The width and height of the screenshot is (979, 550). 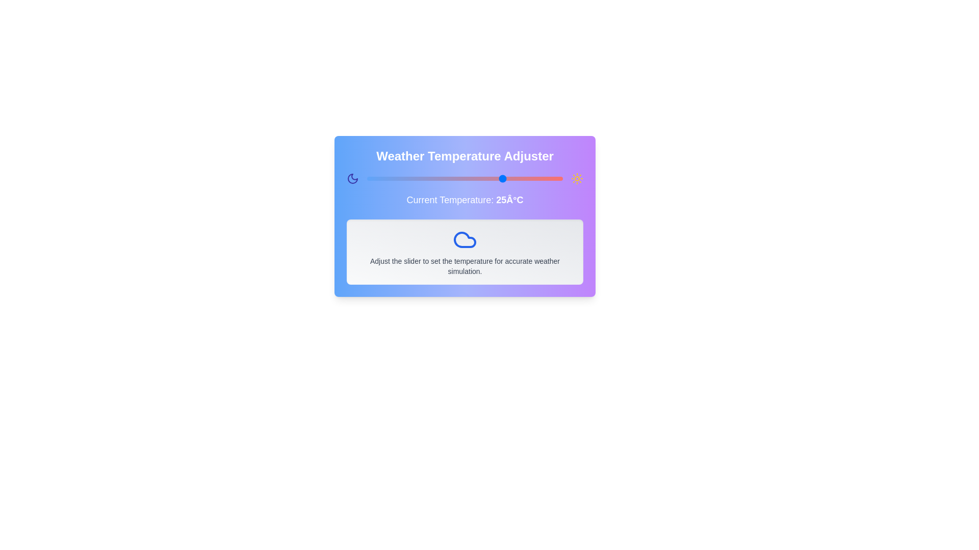 I want to click on the temperature slider to set the temperature to 39 degrees Celsius, so click(x=558, y=178).